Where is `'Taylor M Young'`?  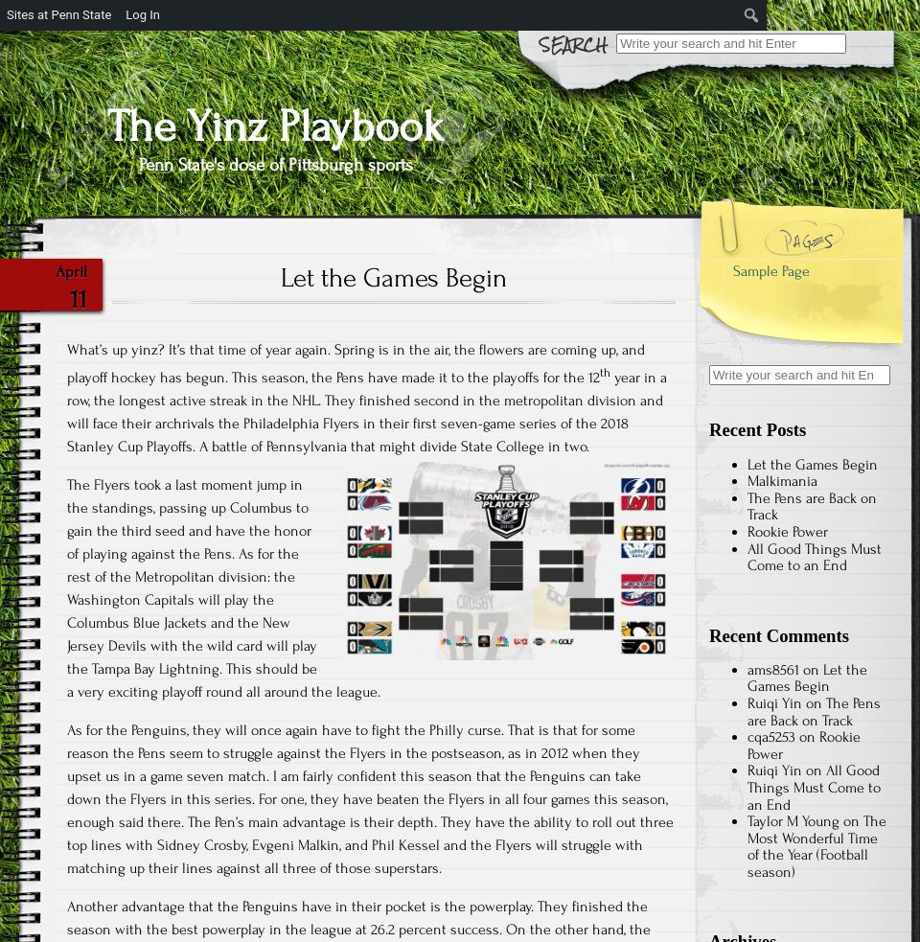
'Taylor M Young' is located at coordinates (793, 820).